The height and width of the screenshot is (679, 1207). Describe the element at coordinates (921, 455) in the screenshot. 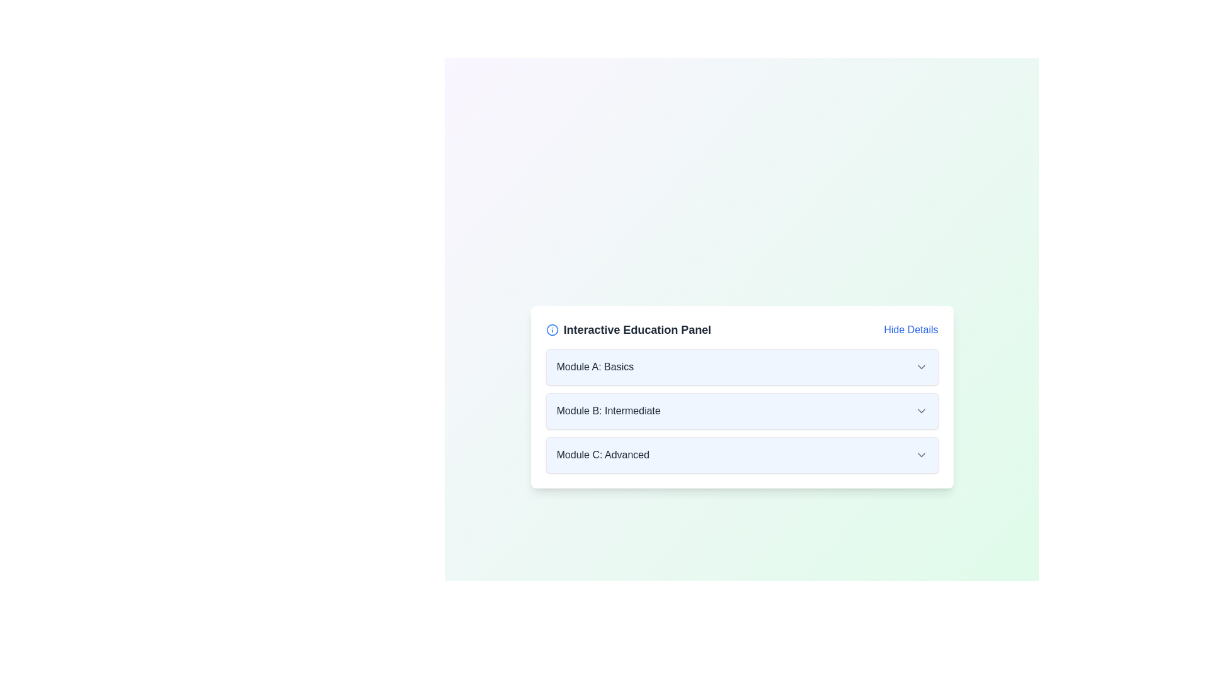

I see `the chevron-down icon located on the right side of the row labeled 'Module C: Advanced' to change its color` at that location.